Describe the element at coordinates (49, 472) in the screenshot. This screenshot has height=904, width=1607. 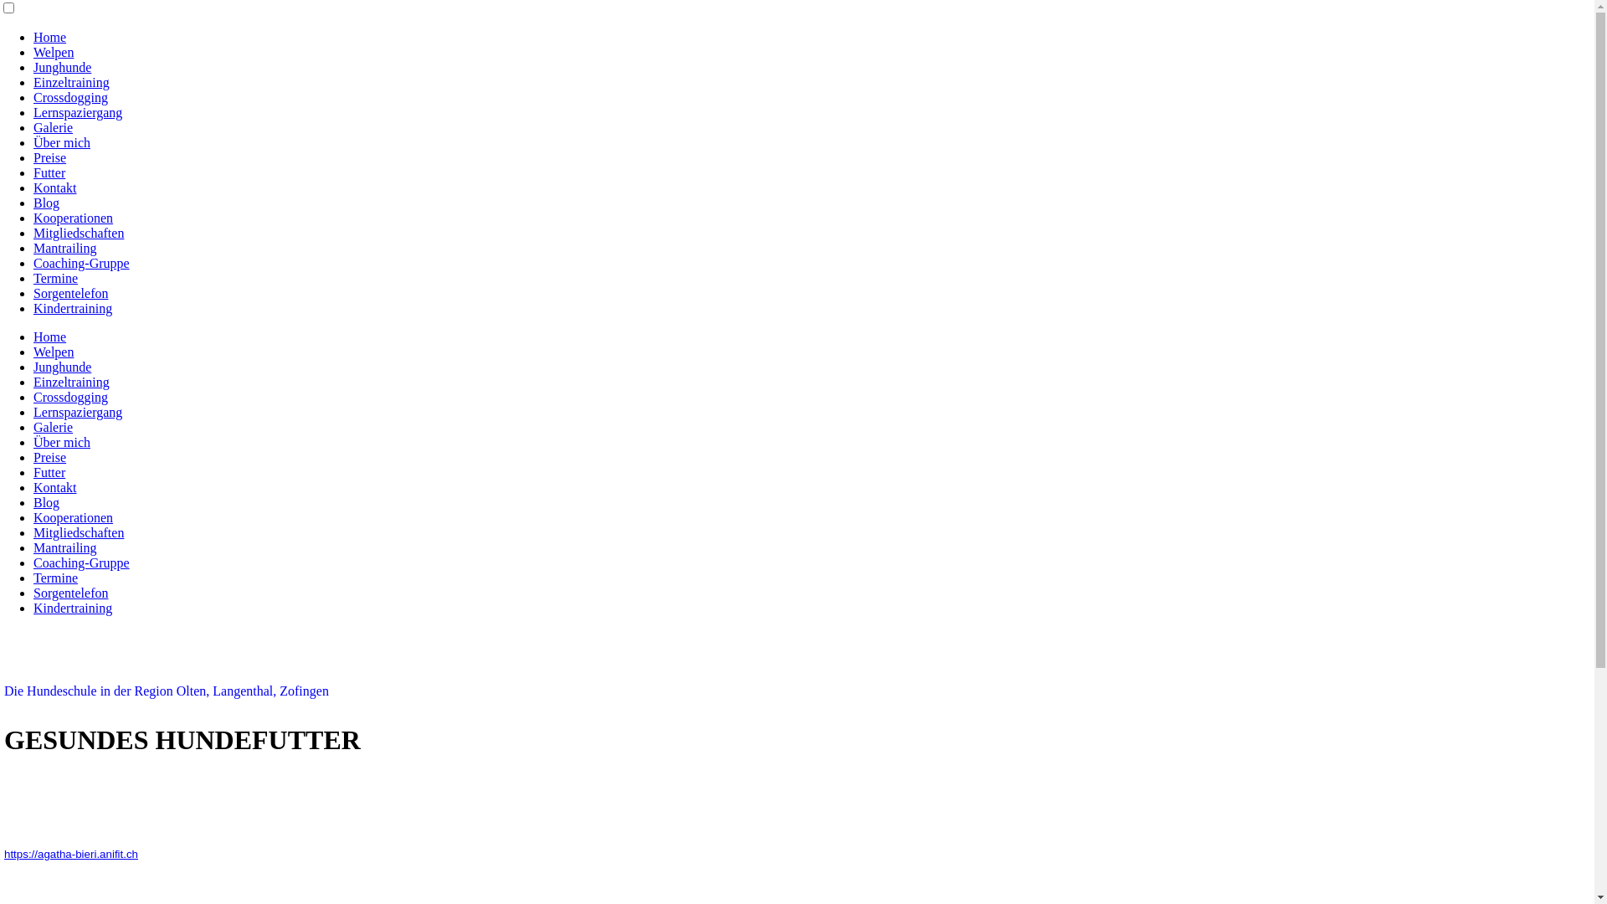
I see `'Futter'` at that location.